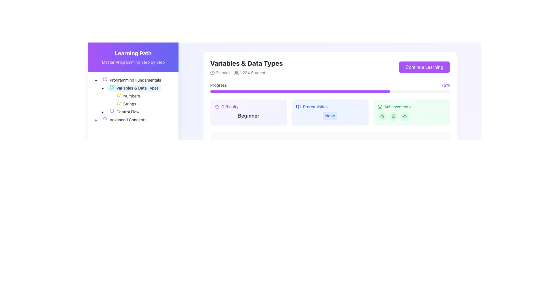 Image resolution: width=544 pixels, height=306 pixels. Describe the element at coordinates (117, 96) in the screenshot. I see `the 'Numbers' text item node in the tree structure interface` at that location.